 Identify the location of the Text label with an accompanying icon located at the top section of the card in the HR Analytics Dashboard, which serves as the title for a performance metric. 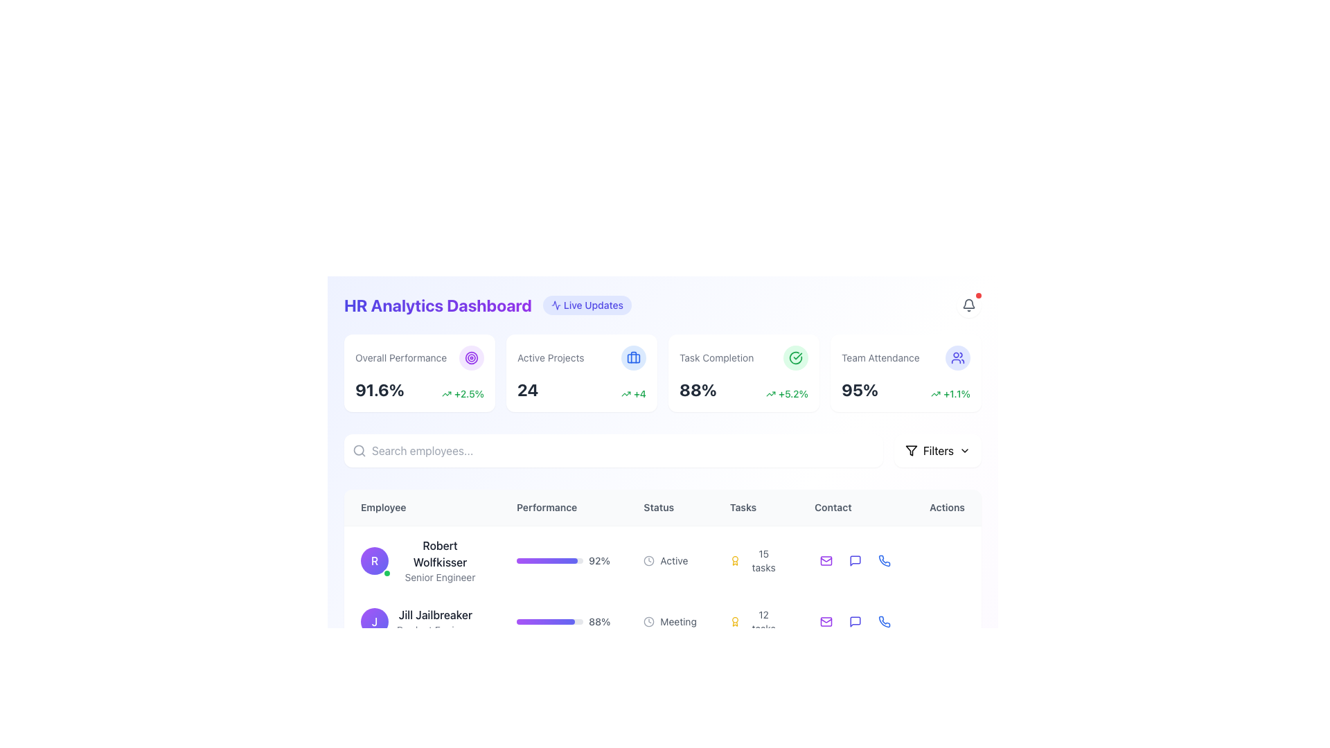
(418, 357).